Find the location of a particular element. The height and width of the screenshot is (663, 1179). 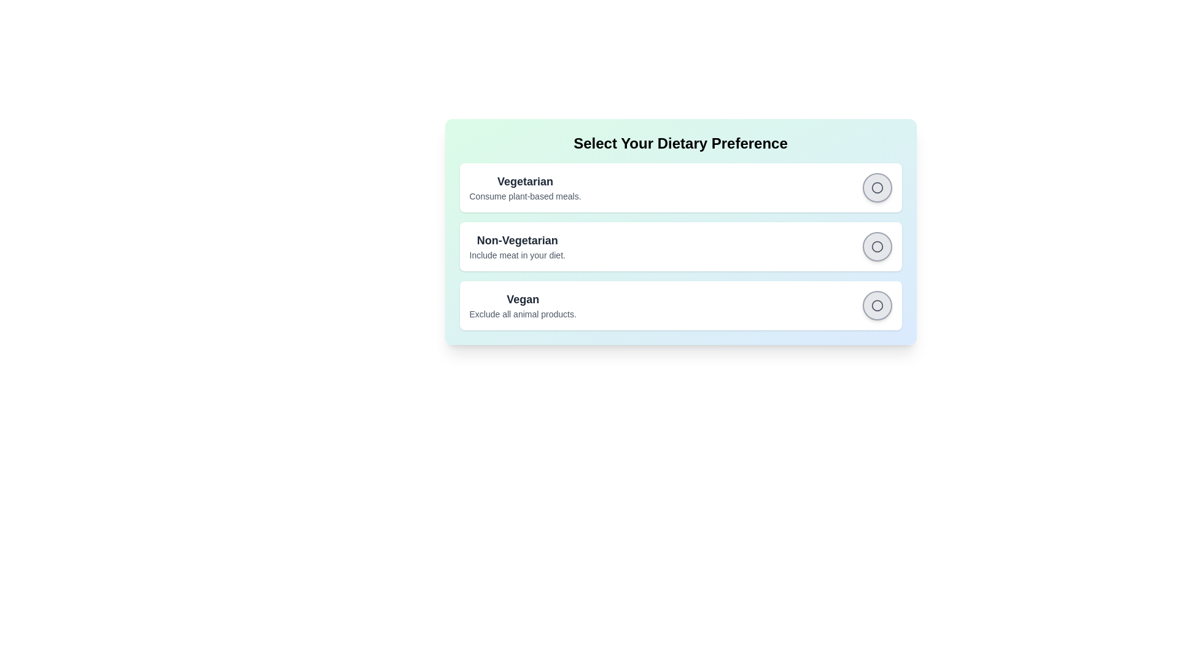

the second item is located at coordinates (680, 246).